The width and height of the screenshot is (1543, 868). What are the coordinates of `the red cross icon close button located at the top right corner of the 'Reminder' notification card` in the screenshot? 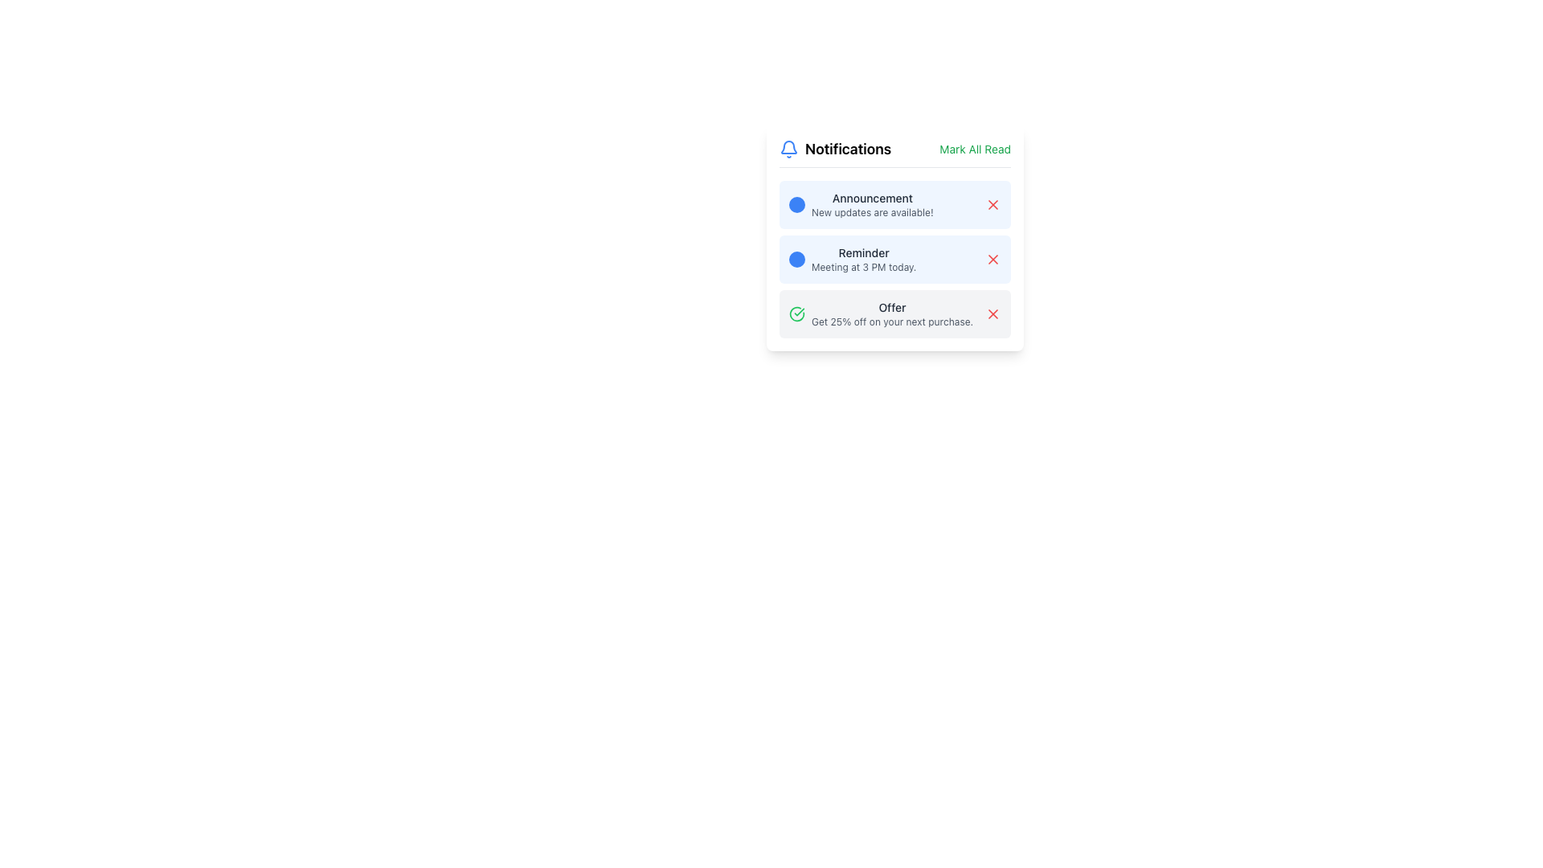 It's located at (993, 259).